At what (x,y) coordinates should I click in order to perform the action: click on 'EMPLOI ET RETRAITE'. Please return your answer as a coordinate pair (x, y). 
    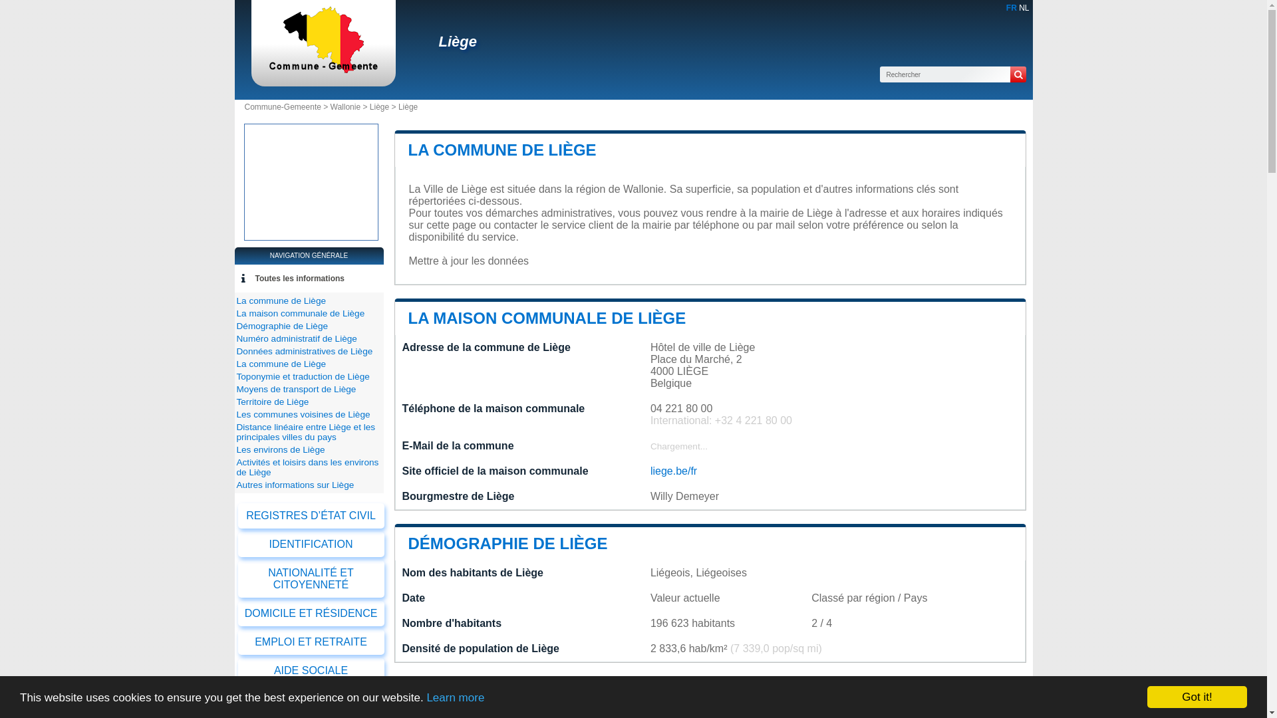
    Looking at the image, I should click on (310, 641).